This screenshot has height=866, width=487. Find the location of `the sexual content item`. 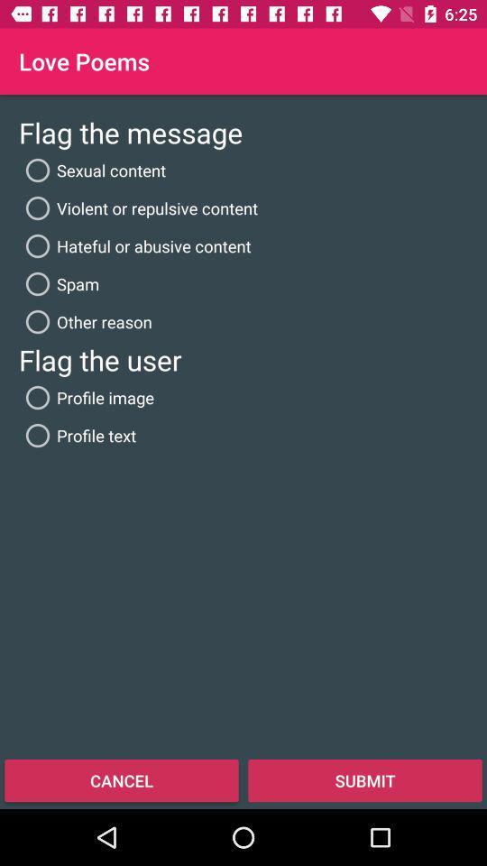

the sexual content item is located at coordinates (92, 170).